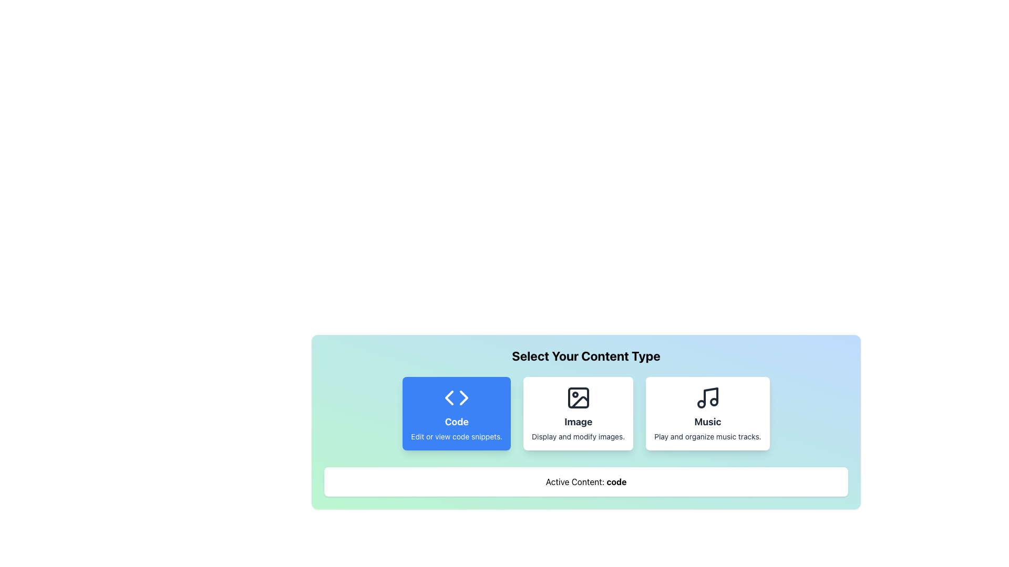  What do you see at coordinates (616, 482) in the screenshot?
I see `the informational Text Label that indicates the currently active content type, which is part of the string 'Active Content: code' and located at the bottom of the interface` at bounding box center [616, 482].